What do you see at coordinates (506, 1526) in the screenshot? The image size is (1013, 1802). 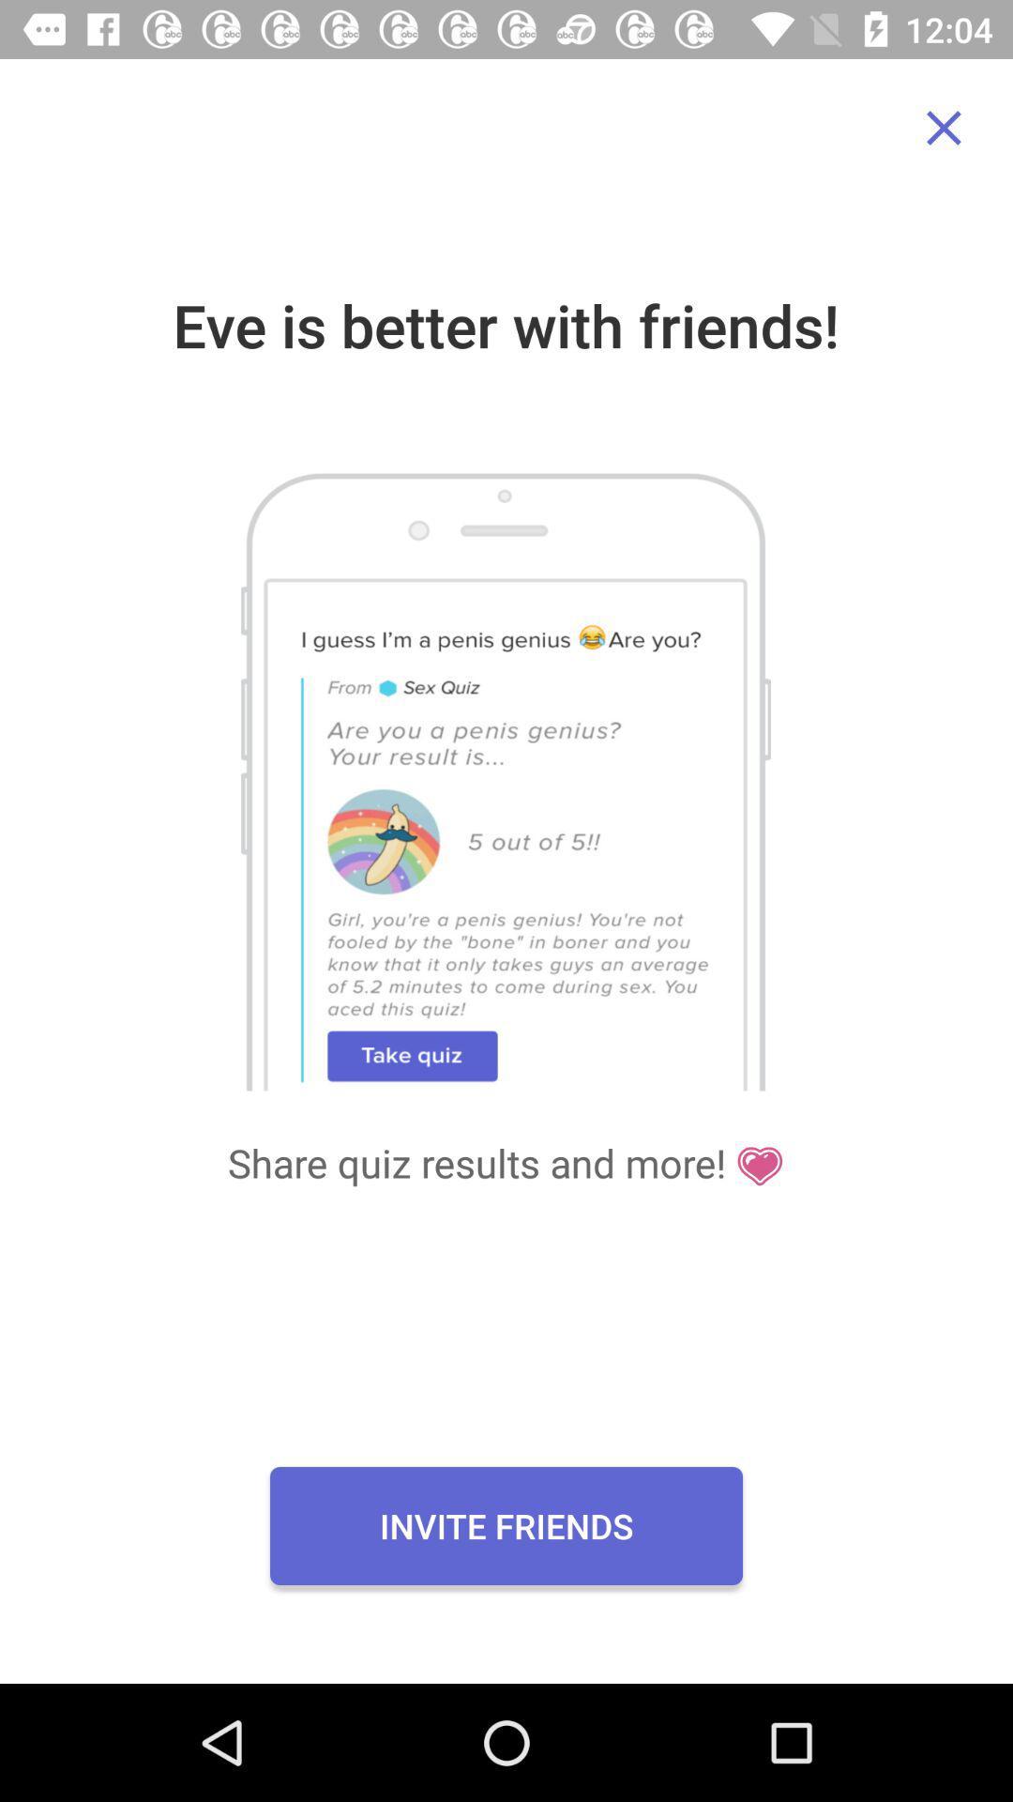 I see `invite friends item` at bounding box center [506, 1526].